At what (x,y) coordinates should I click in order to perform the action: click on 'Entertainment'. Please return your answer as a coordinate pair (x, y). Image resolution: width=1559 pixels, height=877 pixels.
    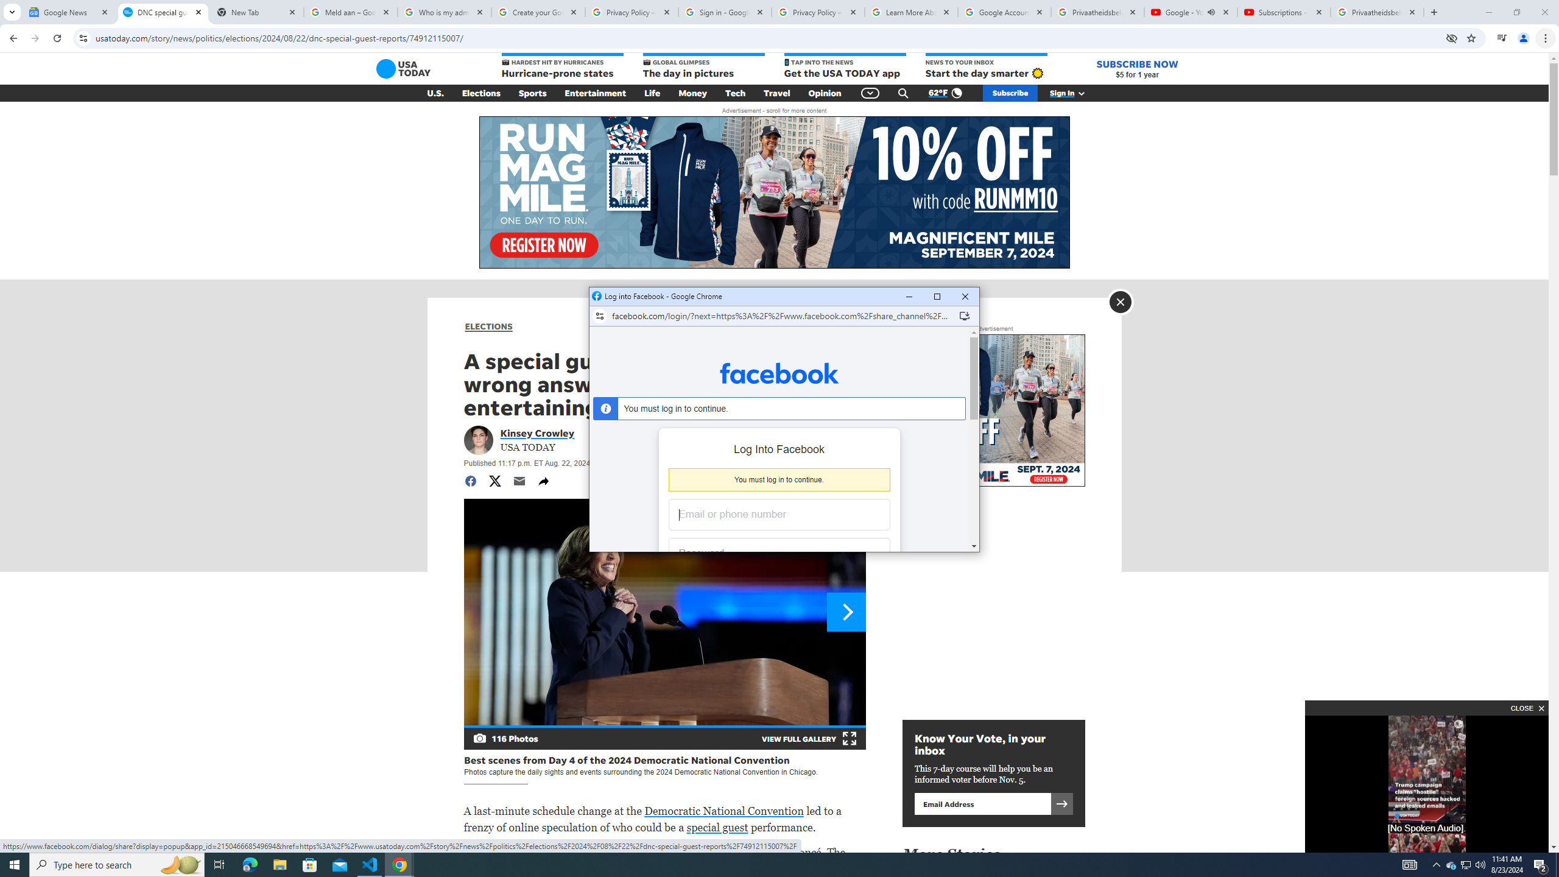
    Looking at the image, I should click on (595, 93).